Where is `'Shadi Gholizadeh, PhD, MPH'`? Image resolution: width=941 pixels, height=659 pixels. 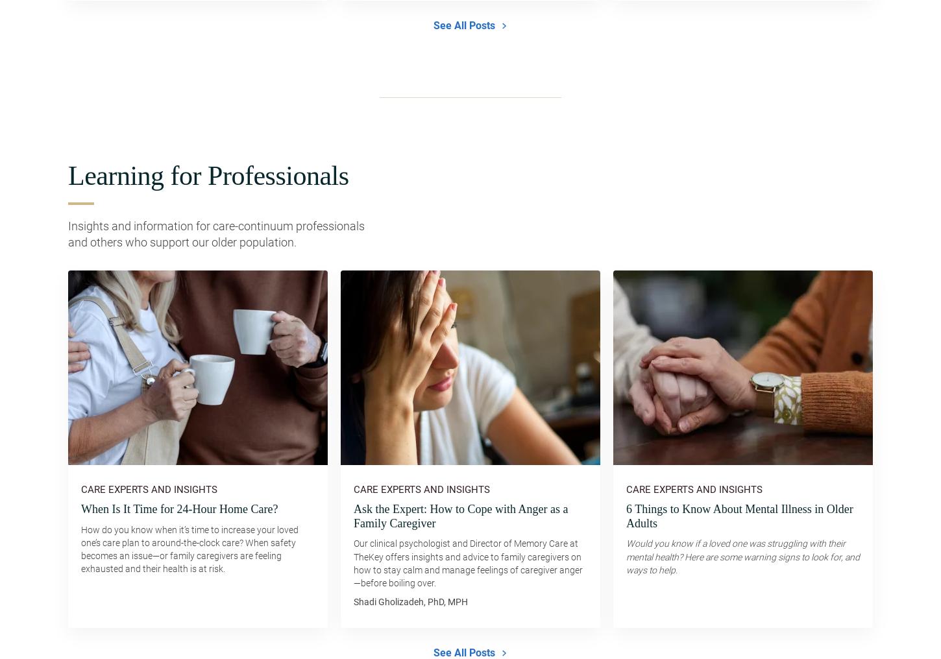
'Shadi Gholizadeh, PhD, MPH' is located at coordinates (354, 600).